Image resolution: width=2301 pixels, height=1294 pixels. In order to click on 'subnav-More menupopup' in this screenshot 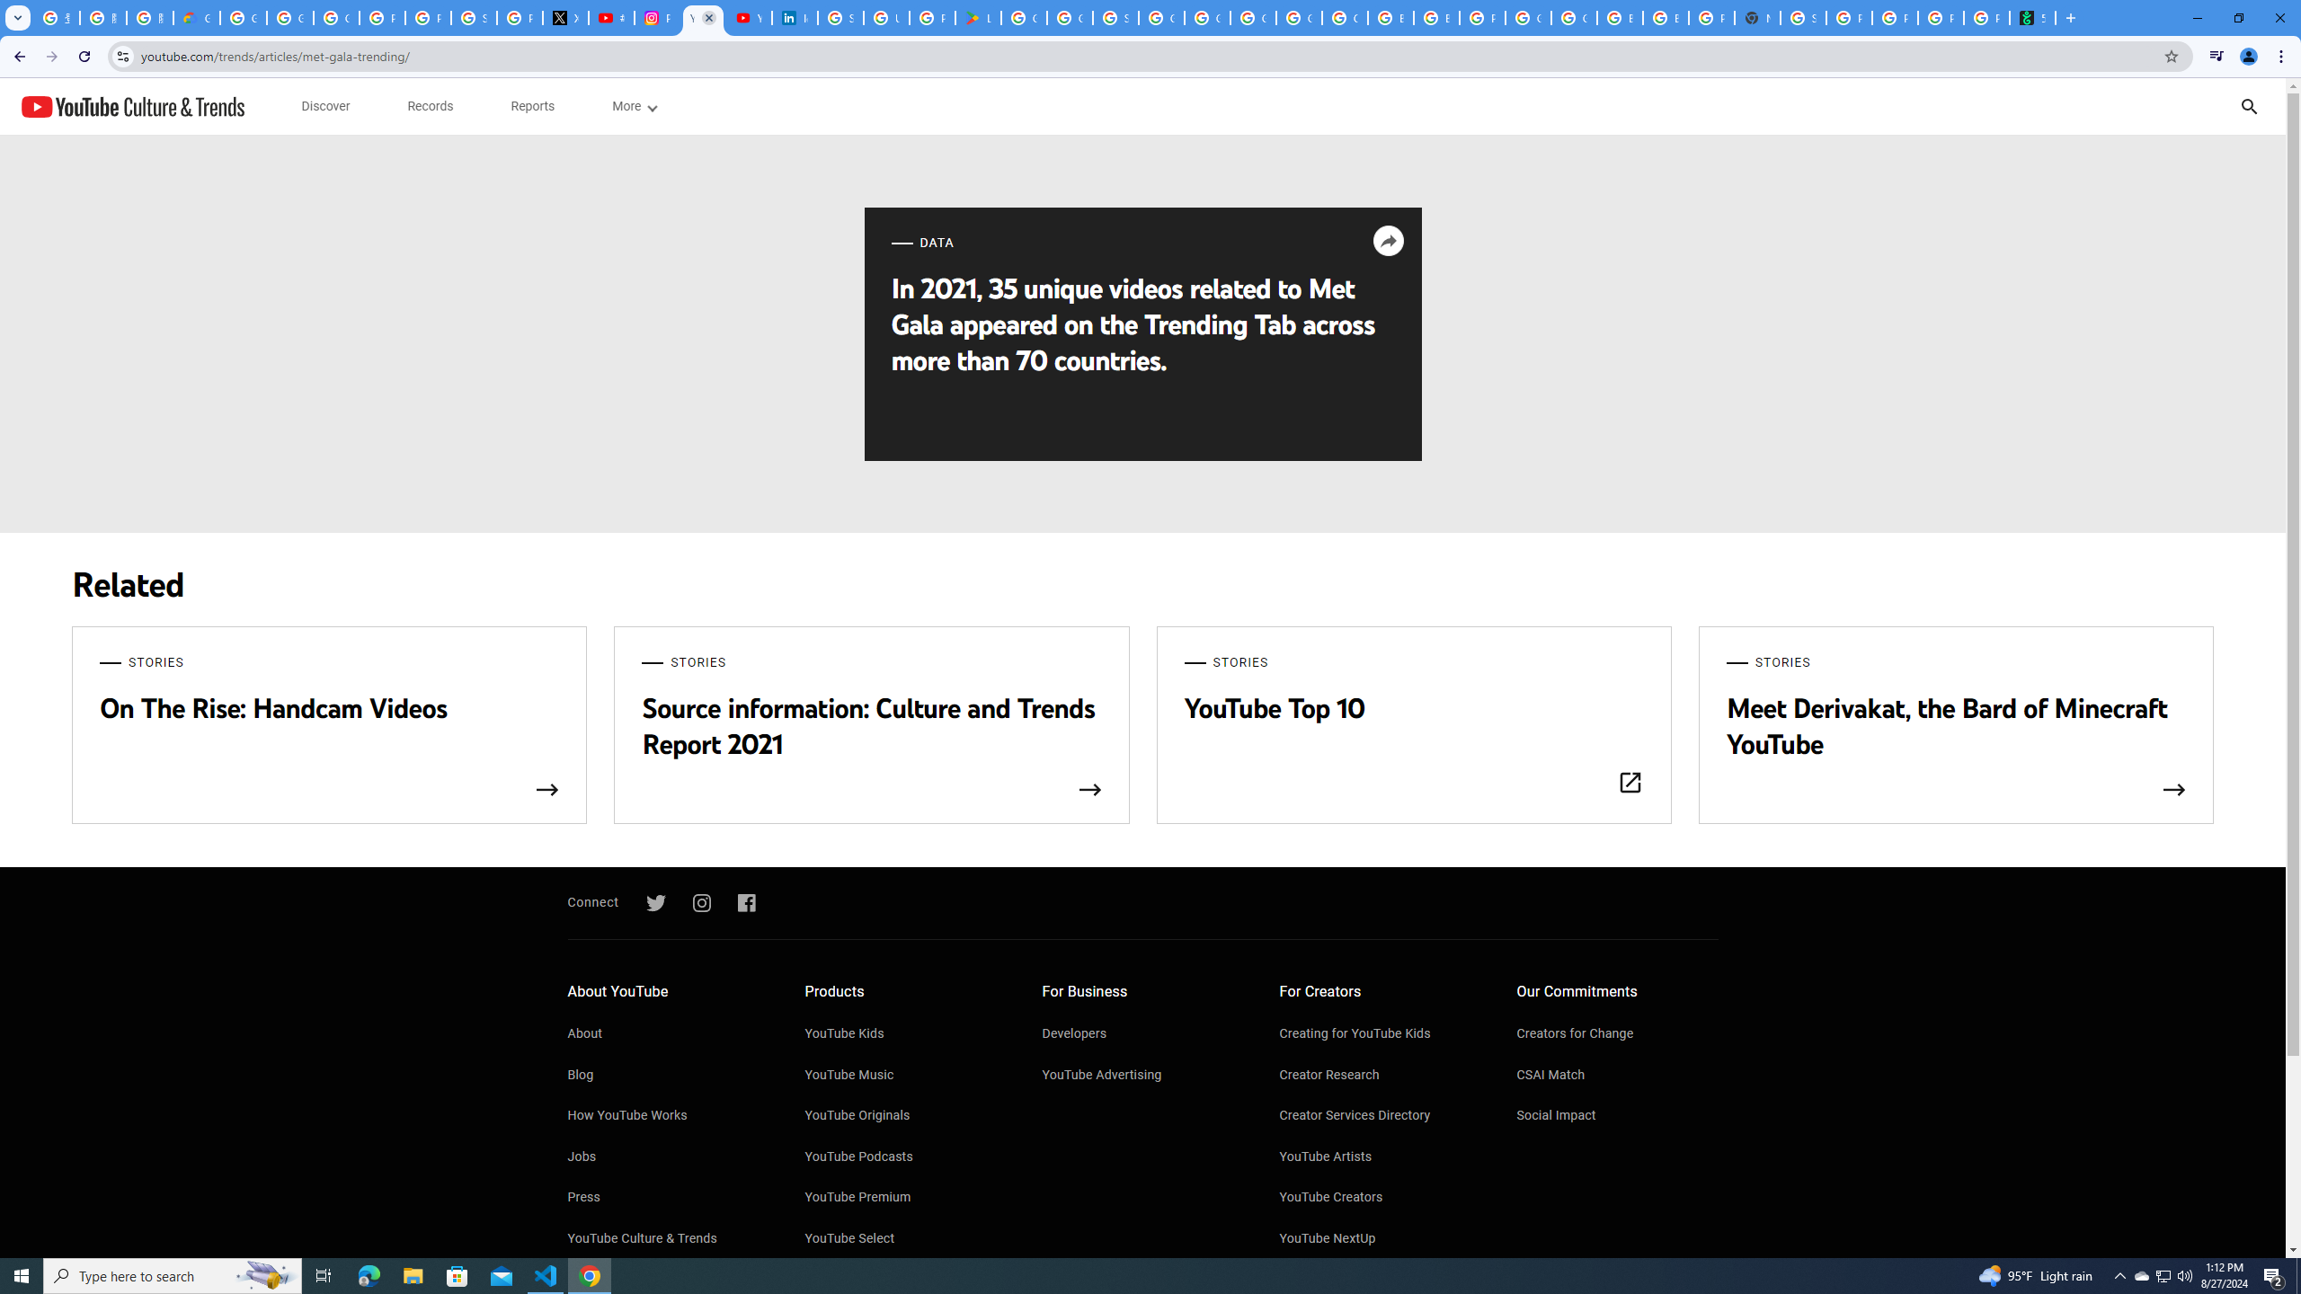, I will do `click(634, 106)`.